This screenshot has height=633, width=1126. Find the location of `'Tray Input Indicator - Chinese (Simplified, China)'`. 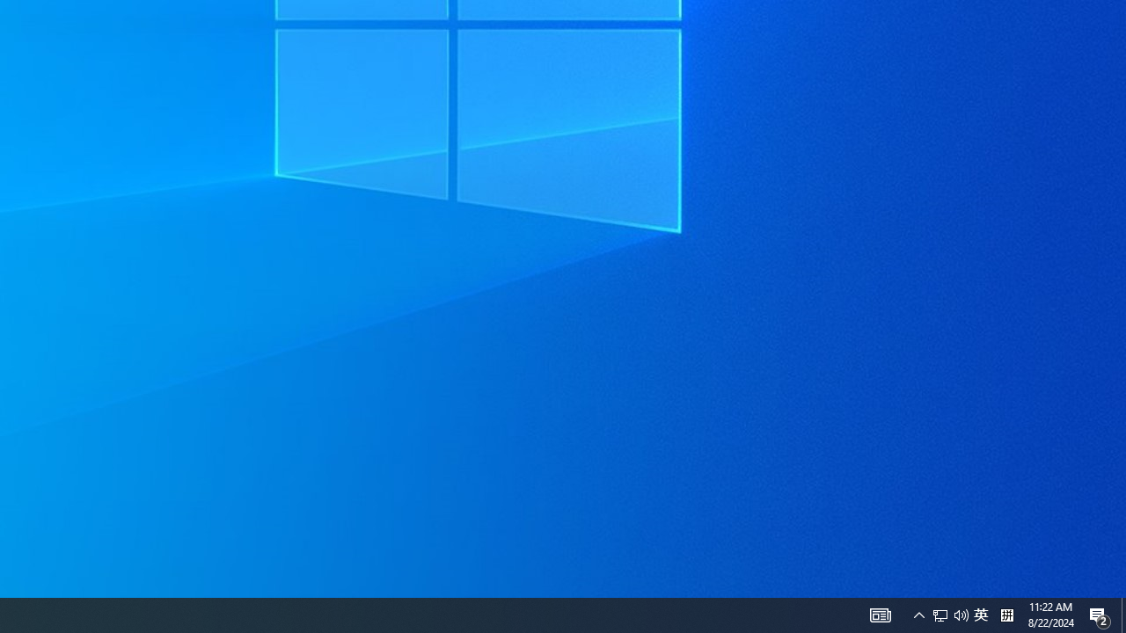

'Tray Input Indicator - Chinese (Simplified, China)' is located at coordinates (1006, 614).